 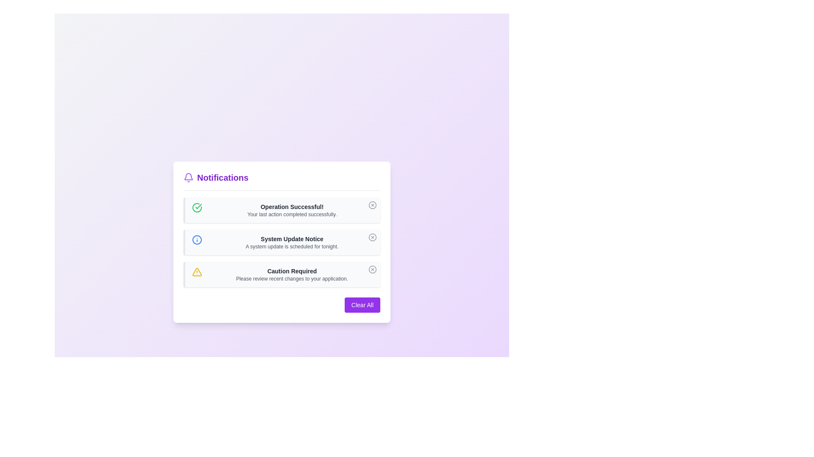 I want to click on the warning notification title text label, which is the top piece of the warning message card located in the notification panel, so click(x=292, y=271).